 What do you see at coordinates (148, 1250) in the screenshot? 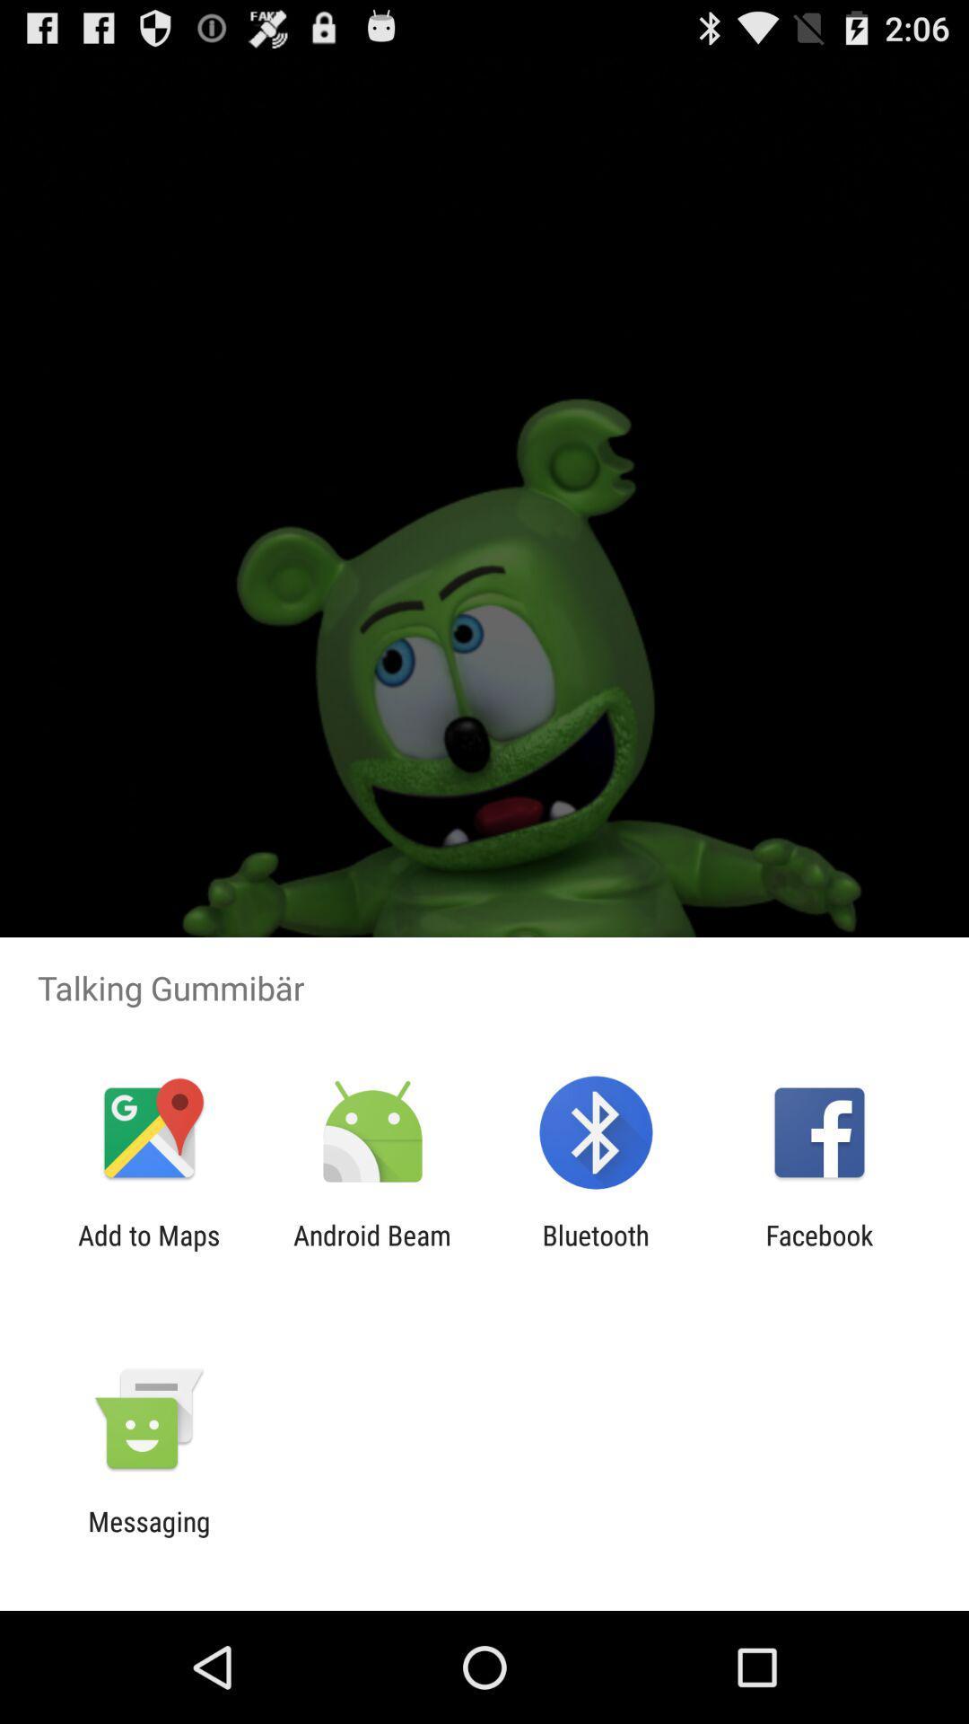
I see `icon next to the android beam icon` at bounding box center [148, 1250].